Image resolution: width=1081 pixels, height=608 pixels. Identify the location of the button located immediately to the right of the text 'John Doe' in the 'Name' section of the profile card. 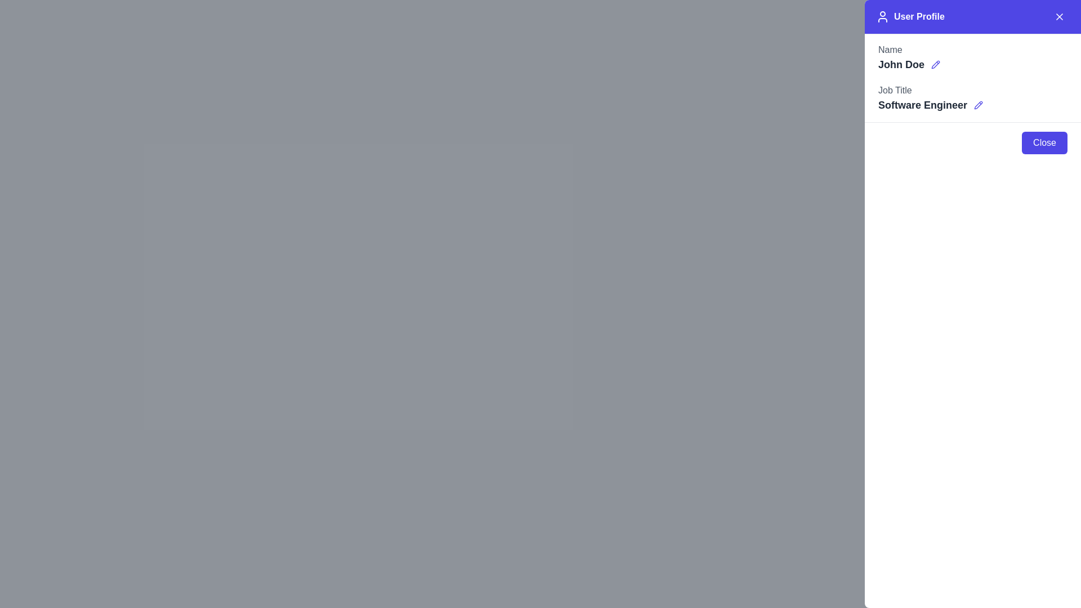
(935, 65).